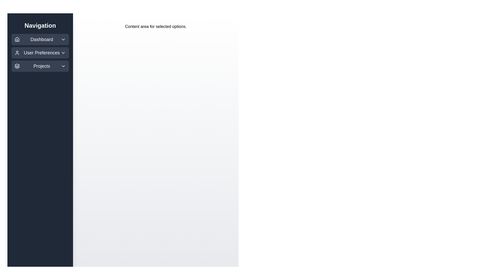  What do you see at coordinates (63, 53) in the screenshot?
I see `the collapsible menu indicator icon located to the right of the 'User Preferences' text label` at bounding box center [63, 53].